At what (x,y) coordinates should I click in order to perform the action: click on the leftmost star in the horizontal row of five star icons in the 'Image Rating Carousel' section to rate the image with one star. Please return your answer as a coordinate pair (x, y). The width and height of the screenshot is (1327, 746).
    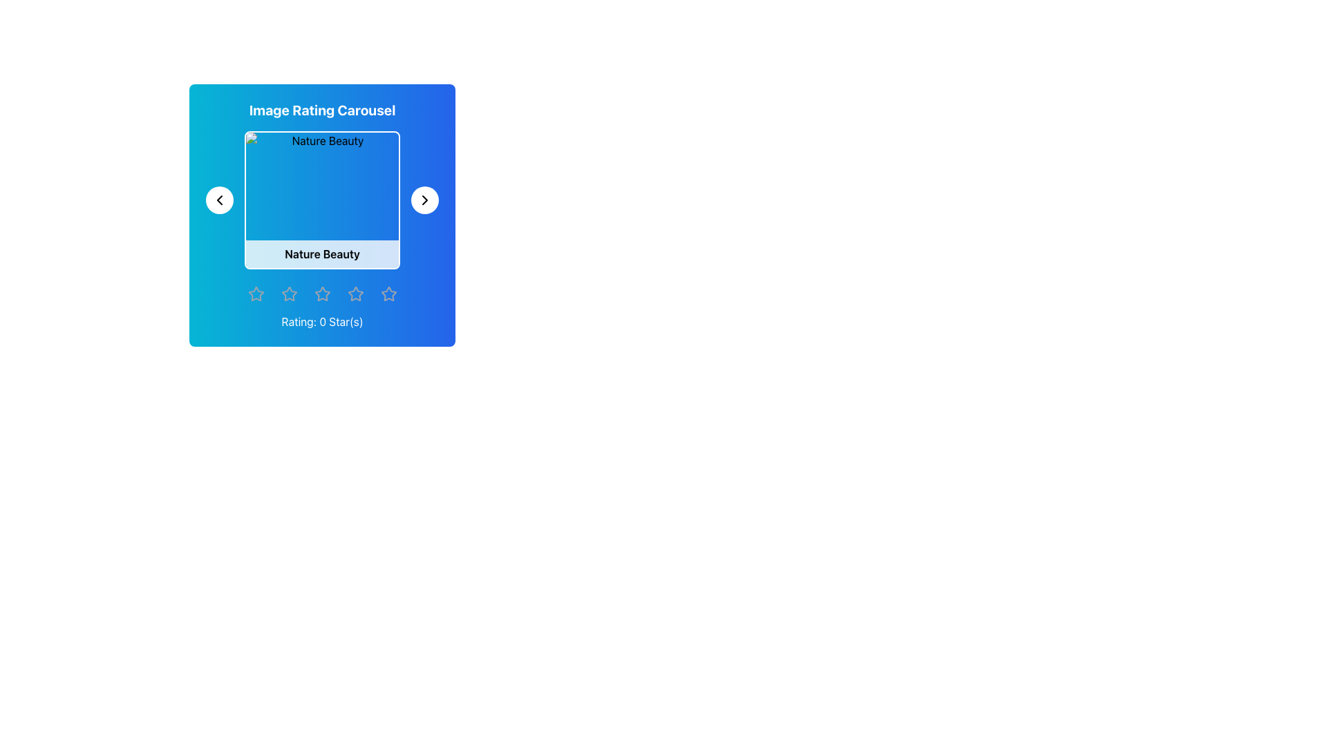
    Looking at the image, I should click on (288, 292).